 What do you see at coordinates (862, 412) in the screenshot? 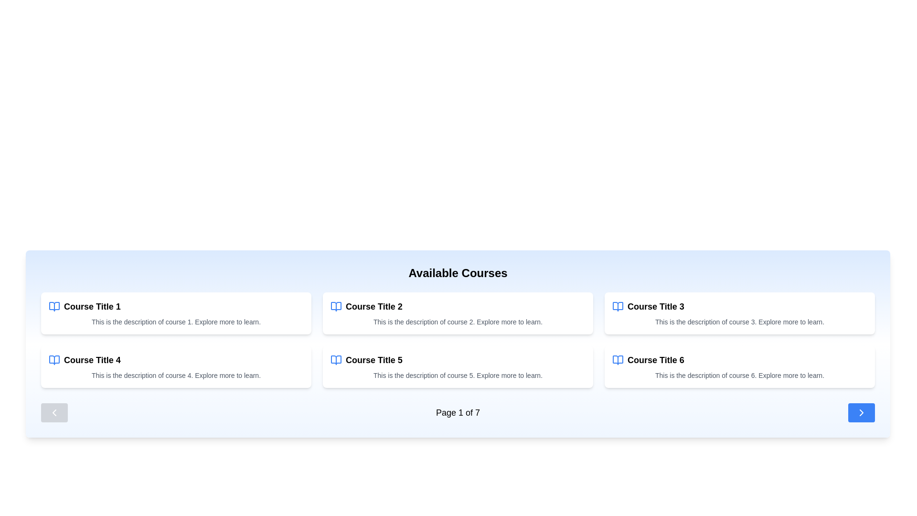
I see `the pagination control button located on the far right side of the bottom navigation bar` at bounding box center [862, 412].